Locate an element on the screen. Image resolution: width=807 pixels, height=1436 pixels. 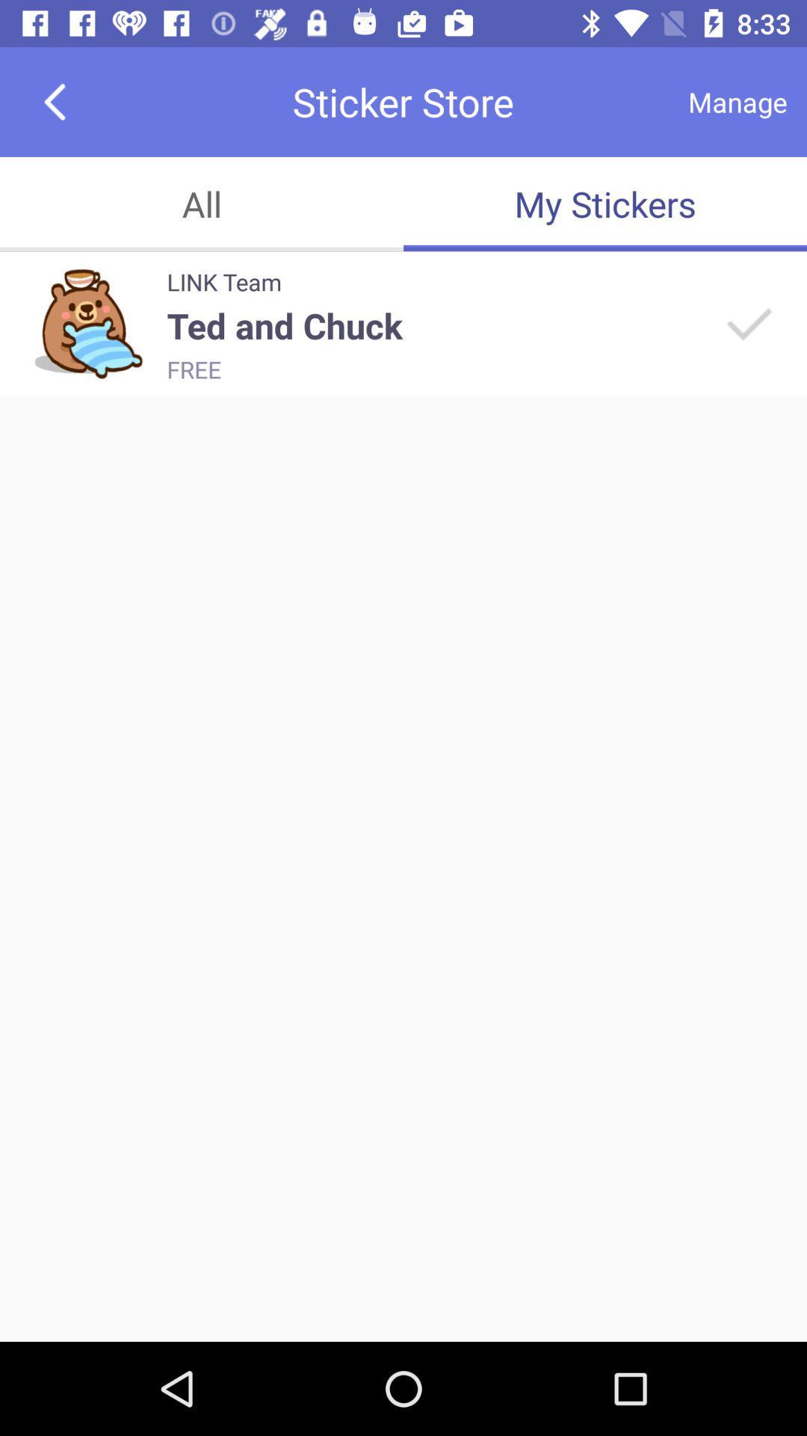
the all is located at coordinates (202, 203).